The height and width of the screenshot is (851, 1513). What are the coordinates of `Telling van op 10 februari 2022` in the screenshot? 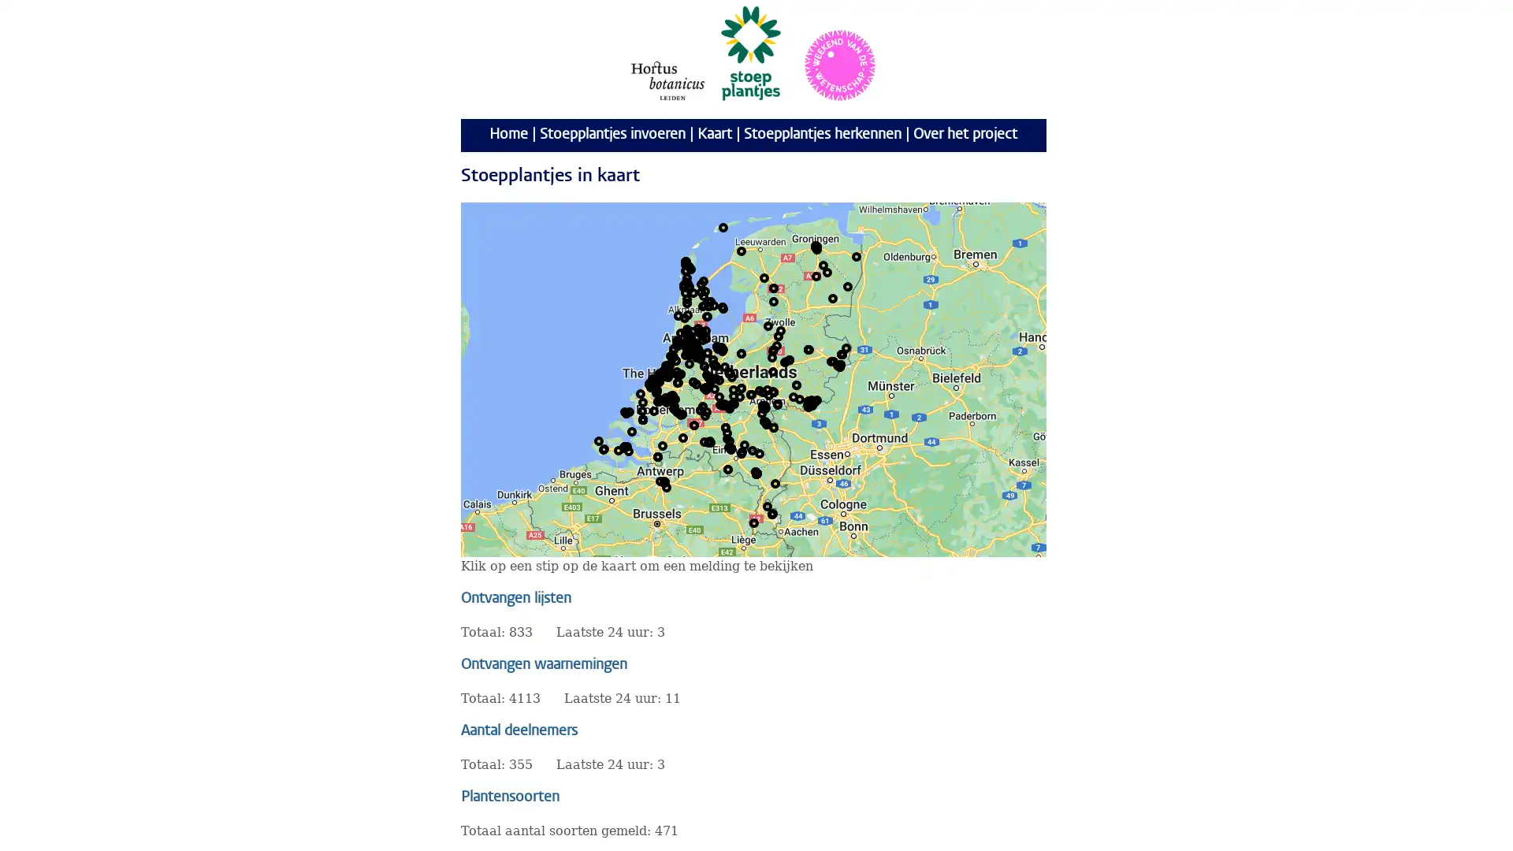 It's located at (691, 348).